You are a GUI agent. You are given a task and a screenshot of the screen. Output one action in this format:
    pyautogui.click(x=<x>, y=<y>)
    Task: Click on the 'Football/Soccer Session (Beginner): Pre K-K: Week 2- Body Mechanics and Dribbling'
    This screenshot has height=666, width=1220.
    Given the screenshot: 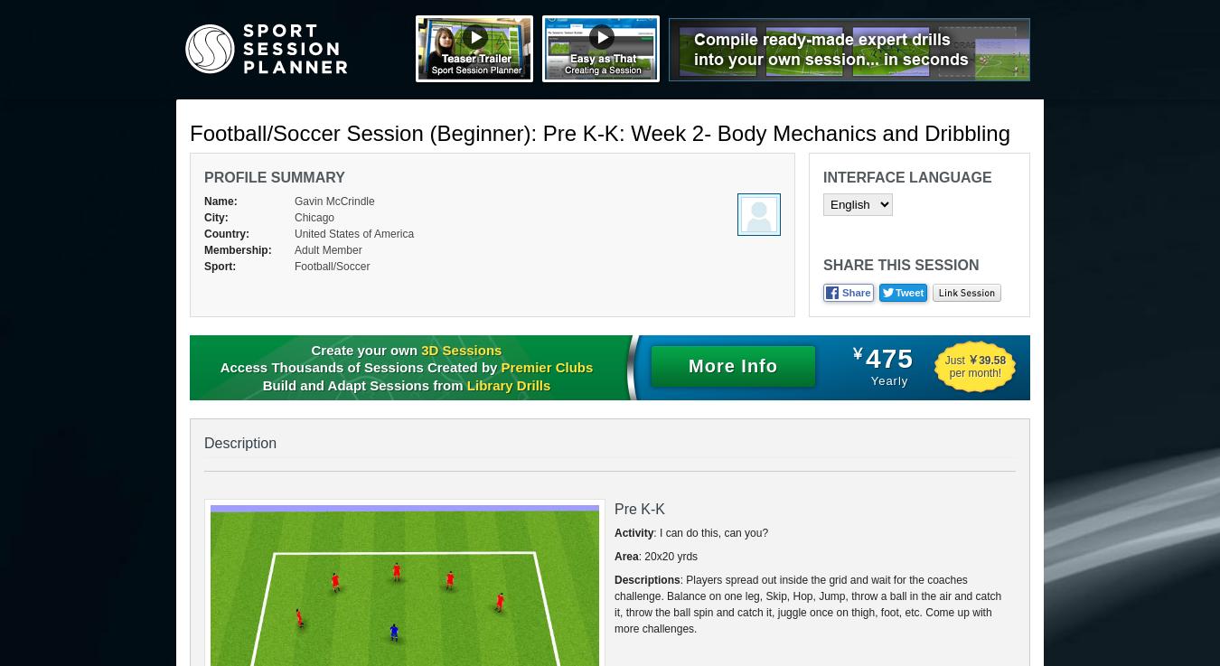 What is the action you would take?
    pyautogui.click(x=599, y=133)
    